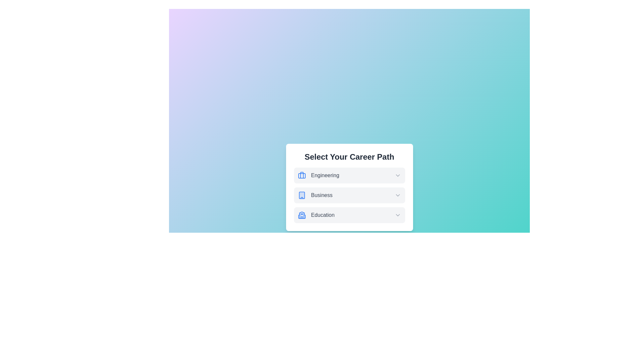 The height and width of the screenshot is (357, 635). What do you see at coordinates (349, 195) in the screenshot?
I see `the career option Business from the dialog` at bounding box center [349, 195].